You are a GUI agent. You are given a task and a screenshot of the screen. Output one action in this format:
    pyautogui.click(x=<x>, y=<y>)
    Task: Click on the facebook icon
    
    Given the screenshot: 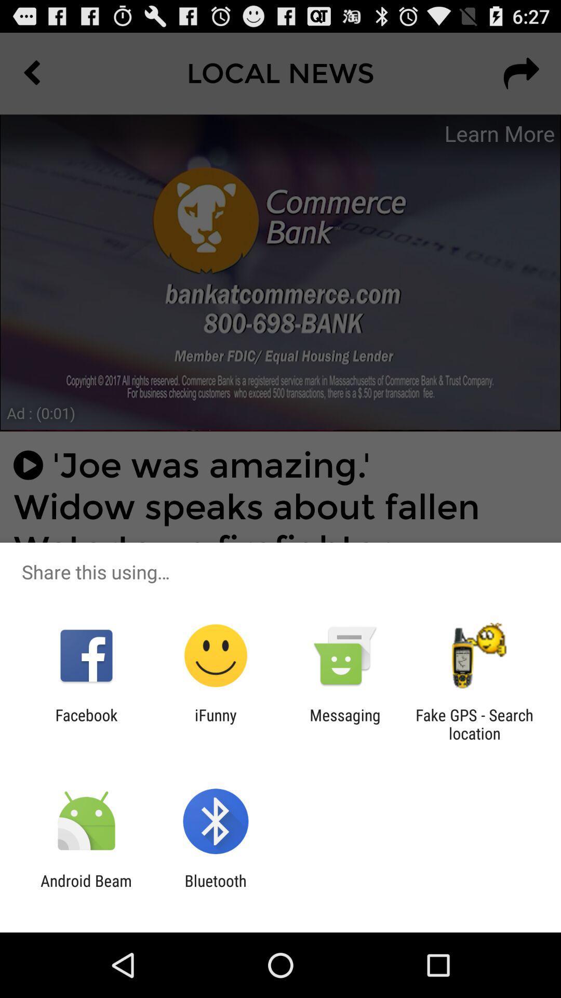 What is the action you would take?
    pyautogui.click(x=86, y=724)
    